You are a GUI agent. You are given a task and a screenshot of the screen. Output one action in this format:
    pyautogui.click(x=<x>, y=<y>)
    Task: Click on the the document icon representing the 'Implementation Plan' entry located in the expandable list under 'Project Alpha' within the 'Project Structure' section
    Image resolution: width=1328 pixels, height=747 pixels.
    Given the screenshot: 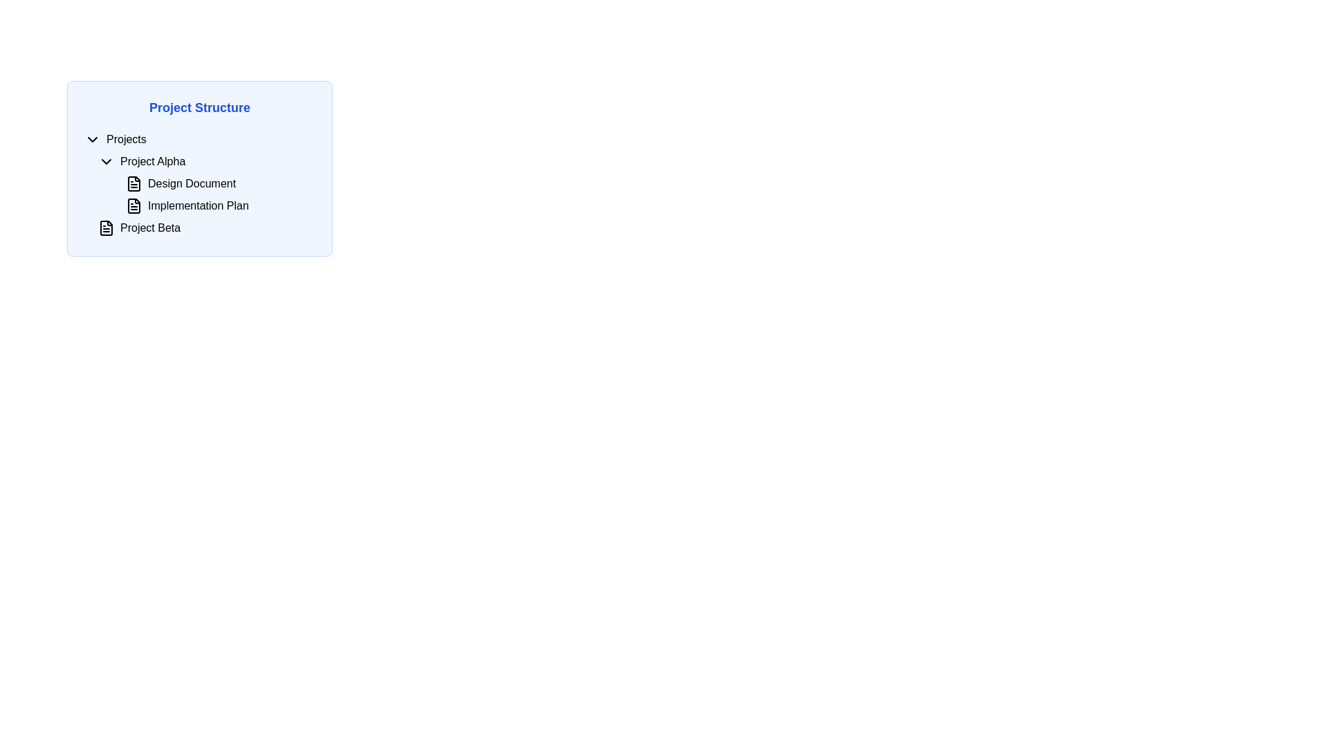 What is the action you would take?
    pyautogui.click(x=133, y=205)
    